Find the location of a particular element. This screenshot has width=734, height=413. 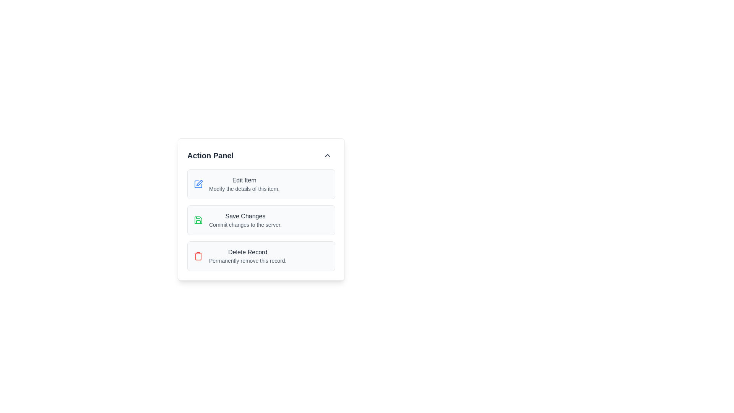

the 'Edit Item' text label, which is styled with medium font weight and dark gray color, located in the 'Action Panel' section for modifying item details is located at coordinates (244, 180).